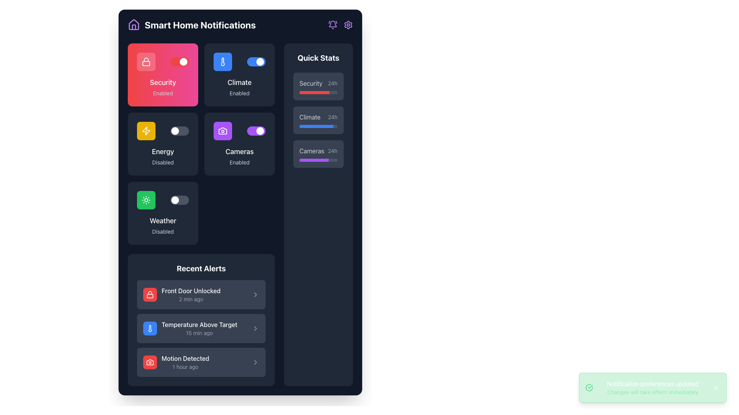  I want to click on the thermometer-shaped icon in the 'Recent Alerts' card, which represents the 'Temperature Above Target' alert in the second row, so click(150, 329).